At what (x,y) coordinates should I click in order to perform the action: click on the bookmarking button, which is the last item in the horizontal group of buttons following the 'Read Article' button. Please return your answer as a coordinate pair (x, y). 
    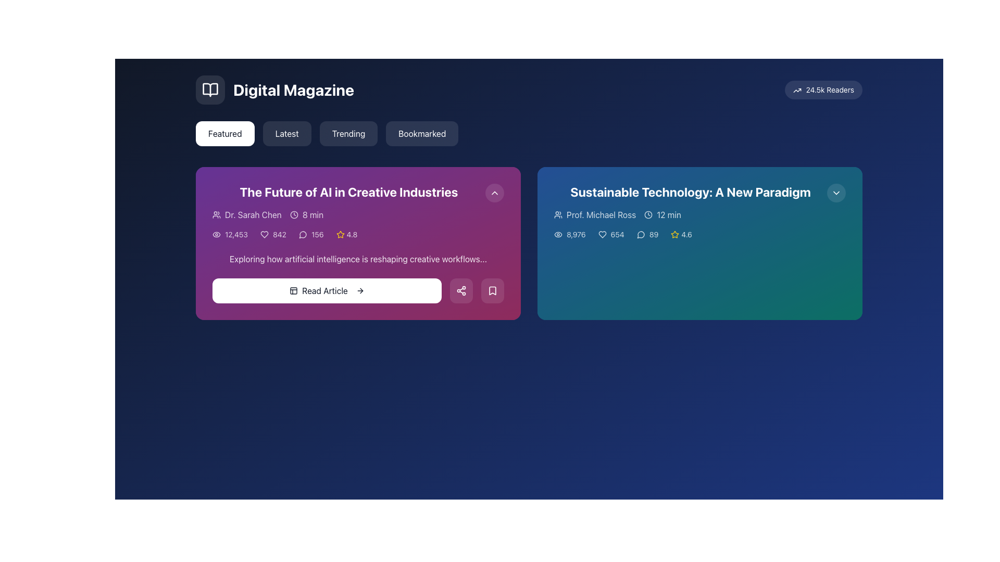
    Looking at the image, I should click on (492, 291).